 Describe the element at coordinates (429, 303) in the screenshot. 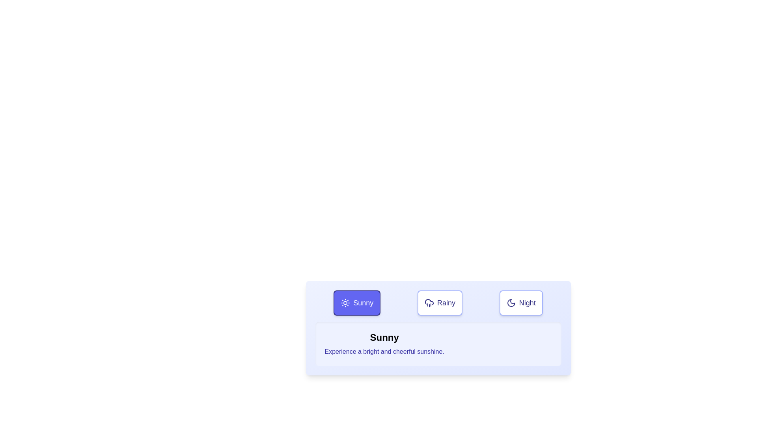

I see `the rainy weather icon located above the 'Rainy' button, which is part of a trio of buttons labeled 'Sunny', 'Rainy', and 'Night'` at that location.